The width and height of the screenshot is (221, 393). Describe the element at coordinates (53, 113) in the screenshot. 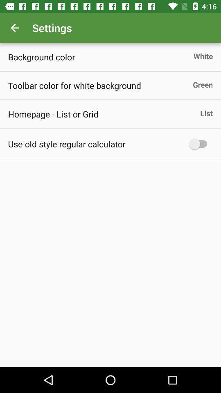

I see `the icon below the toolbar color for icon` at that location.